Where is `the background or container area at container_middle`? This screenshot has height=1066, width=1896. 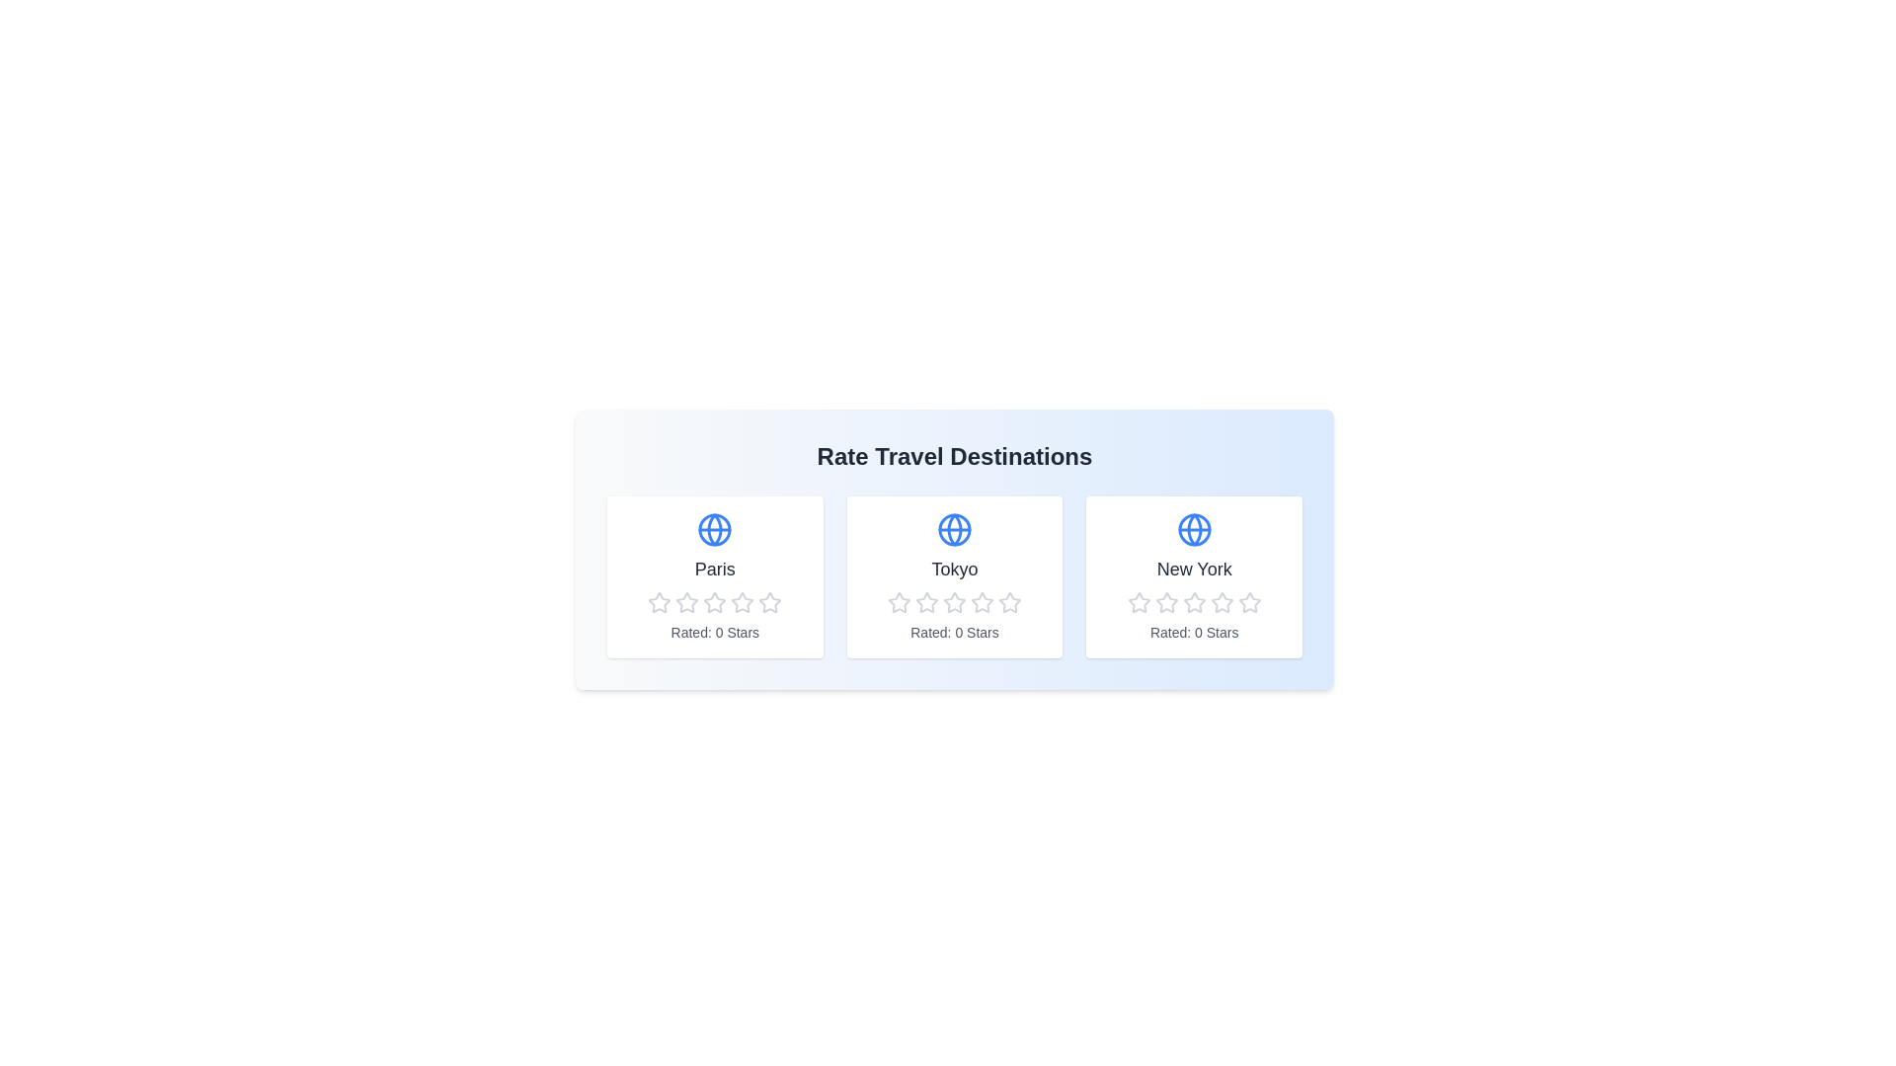
the background or container area at container_middle is located at coordinates (757, 493).